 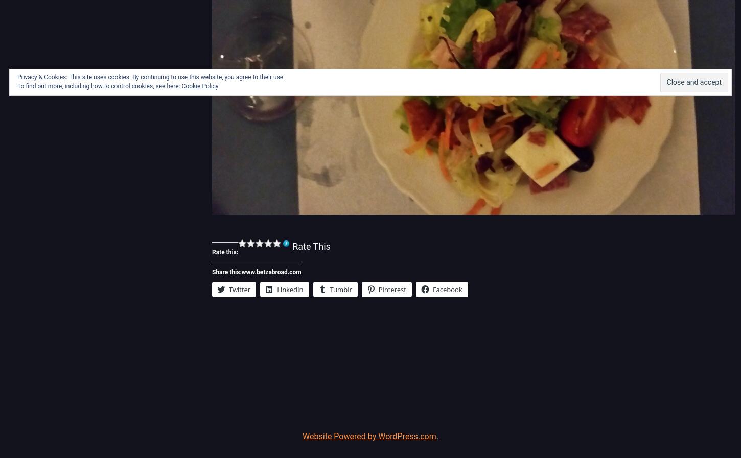 I want to click on 'Twitter', so click(x=239, y=289).